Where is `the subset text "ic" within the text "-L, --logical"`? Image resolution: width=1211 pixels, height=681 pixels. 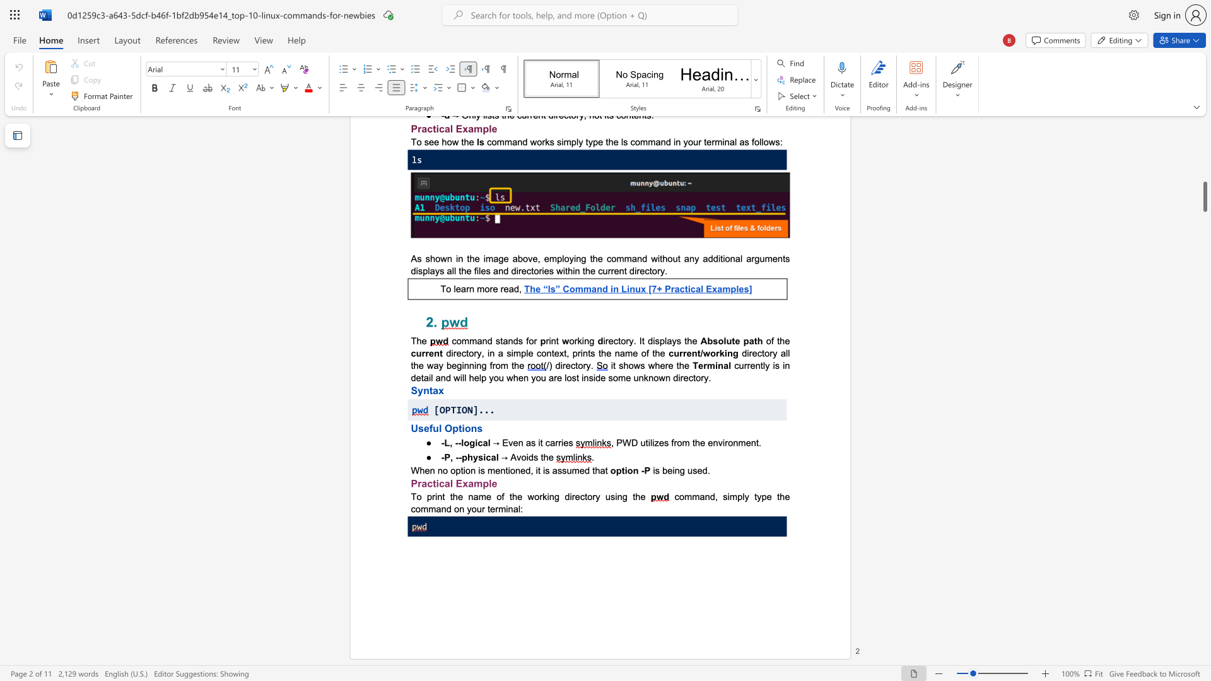
the subset text "ic" within the text "-L, --logical" is located at coordinates (474, 442).